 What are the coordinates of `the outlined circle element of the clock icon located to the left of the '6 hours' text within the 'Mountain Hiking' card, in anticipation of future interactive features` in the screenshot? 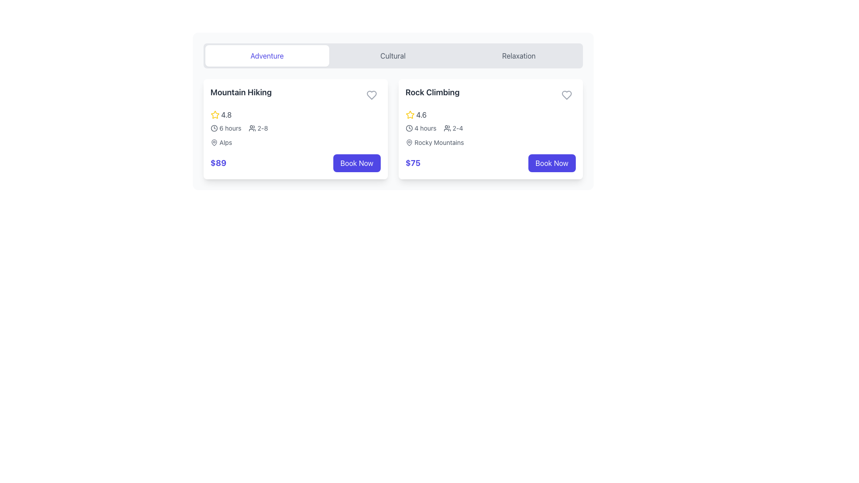 It's located at (213, 128).